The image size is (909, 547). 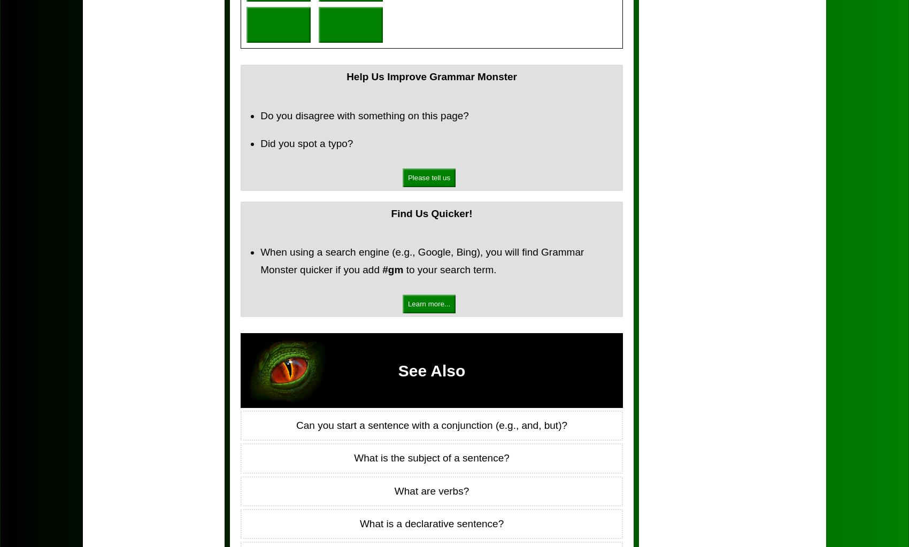 I want to click on 'See Also', so click(x=430, y=369).